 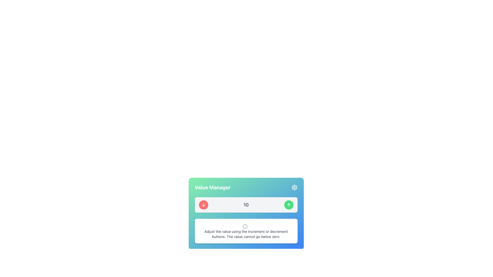 I want to click on the gear icon in the top-right corner of the 'Value Manager' card, so click(x=294, y=187).